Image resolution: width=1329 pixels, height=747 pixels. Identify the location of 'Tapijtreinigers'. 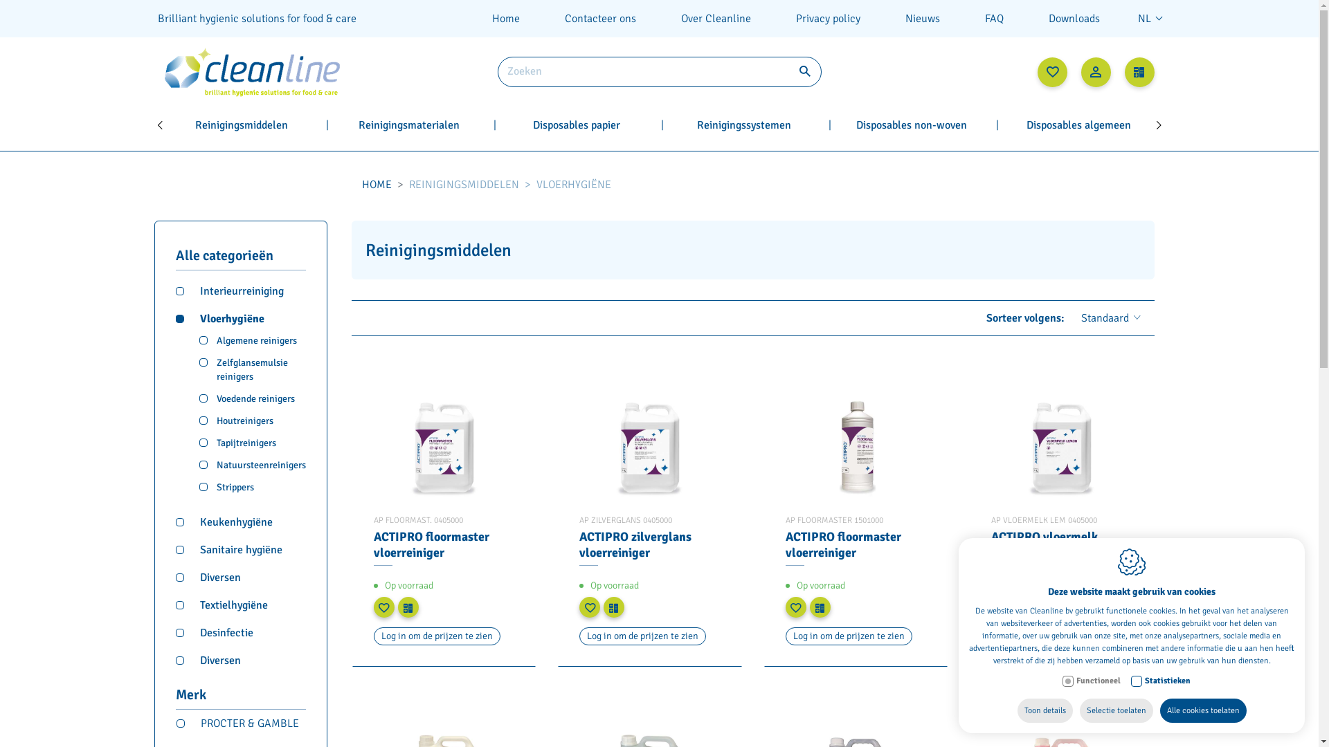
(252, 439).